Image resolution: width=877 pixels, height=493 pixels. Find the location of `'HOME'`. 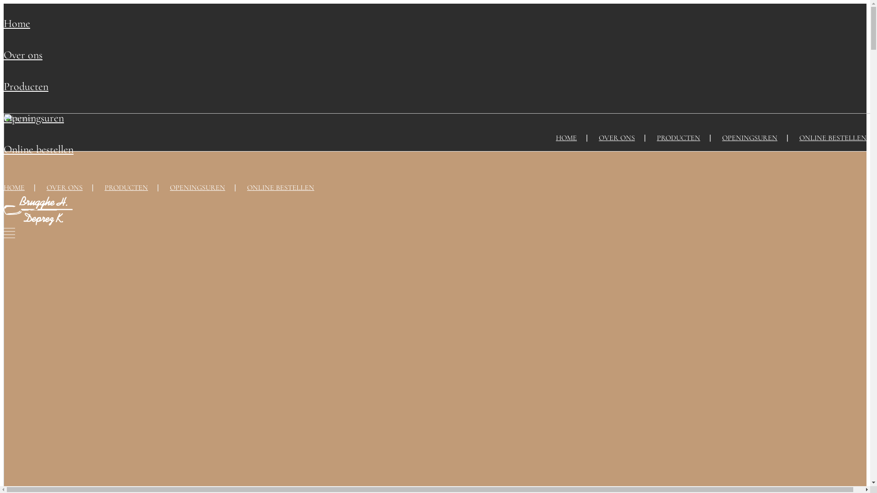

'HOME' is located at coordinates (4, 187).